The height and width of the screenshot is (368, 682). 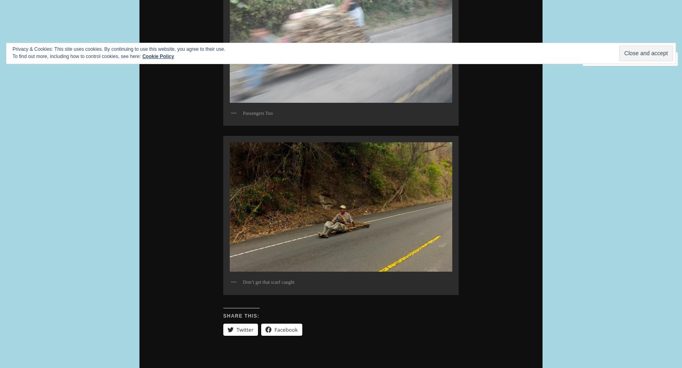 What do you see at coordinates (242, 282) in the screenshot?
I see `'Don’t get that scarf caught'` at bounding box center [242, 282].